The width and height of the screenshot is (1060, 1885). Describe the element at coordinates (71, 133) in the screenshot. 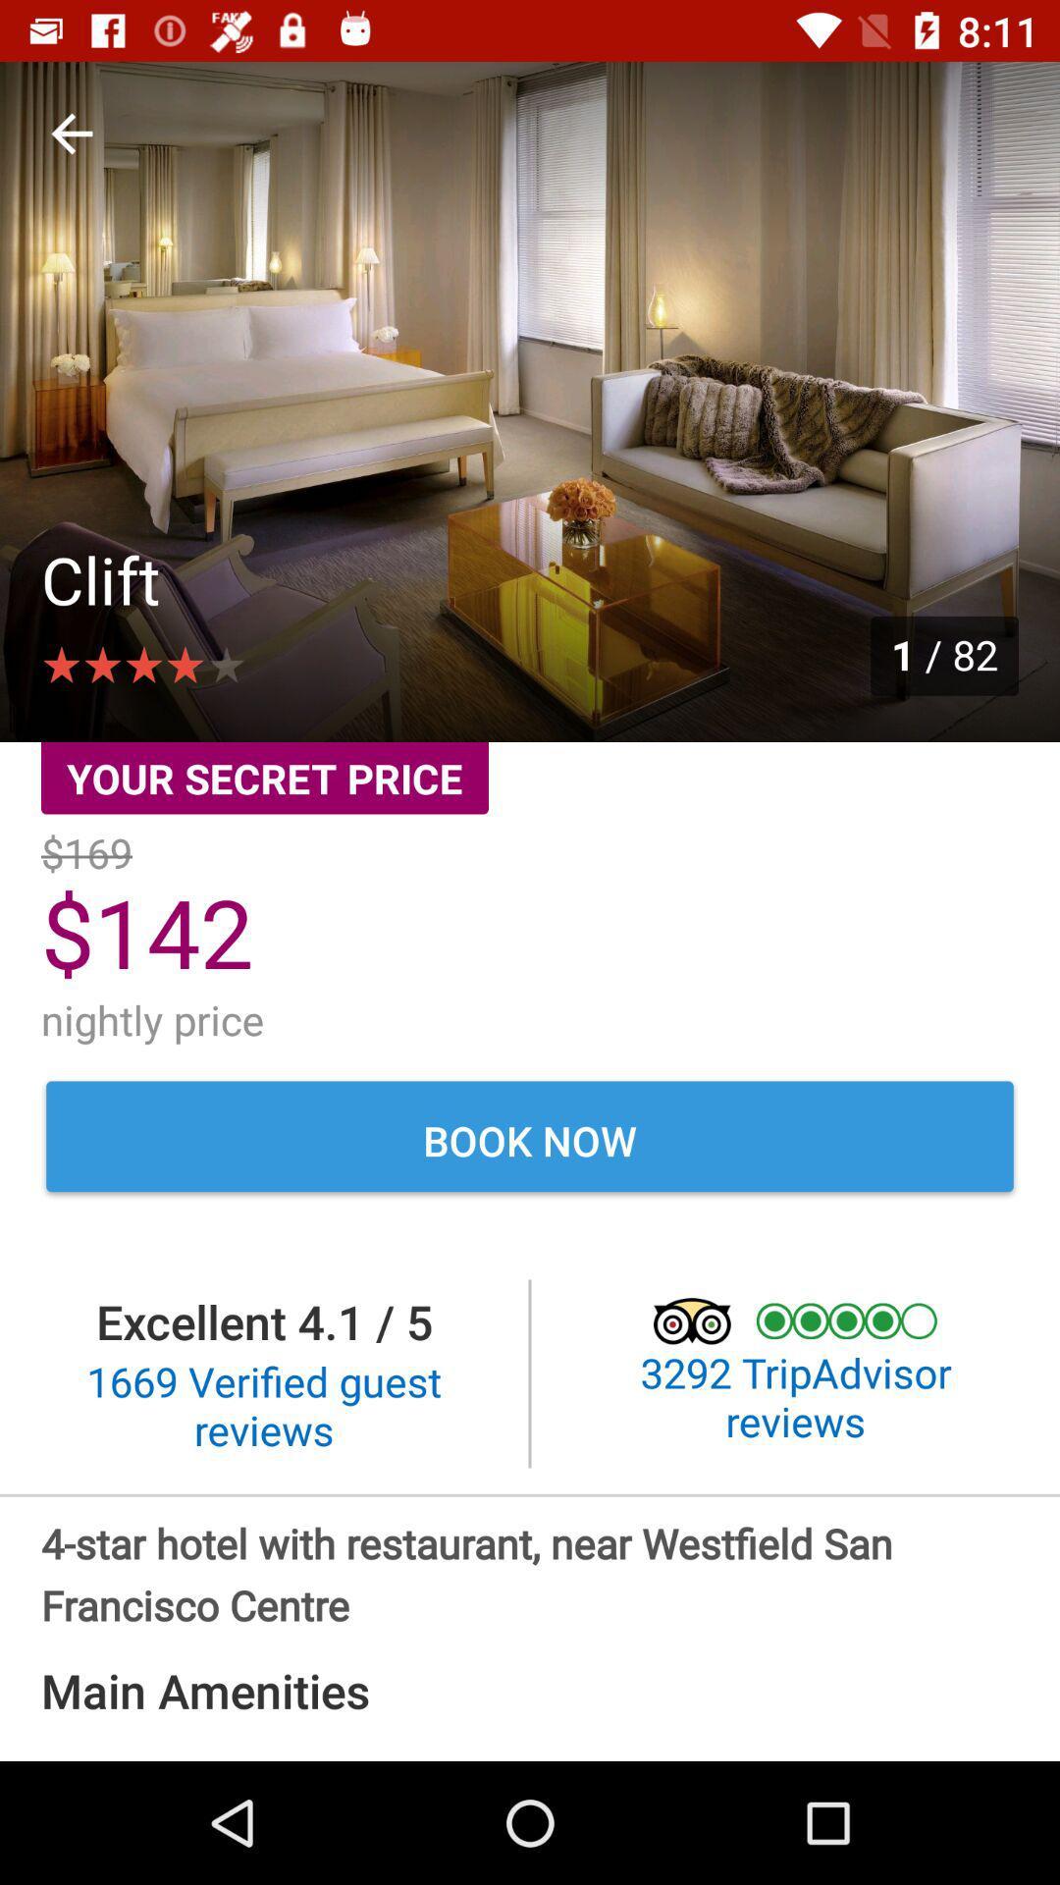

I see `item above the clift icon` at that location.